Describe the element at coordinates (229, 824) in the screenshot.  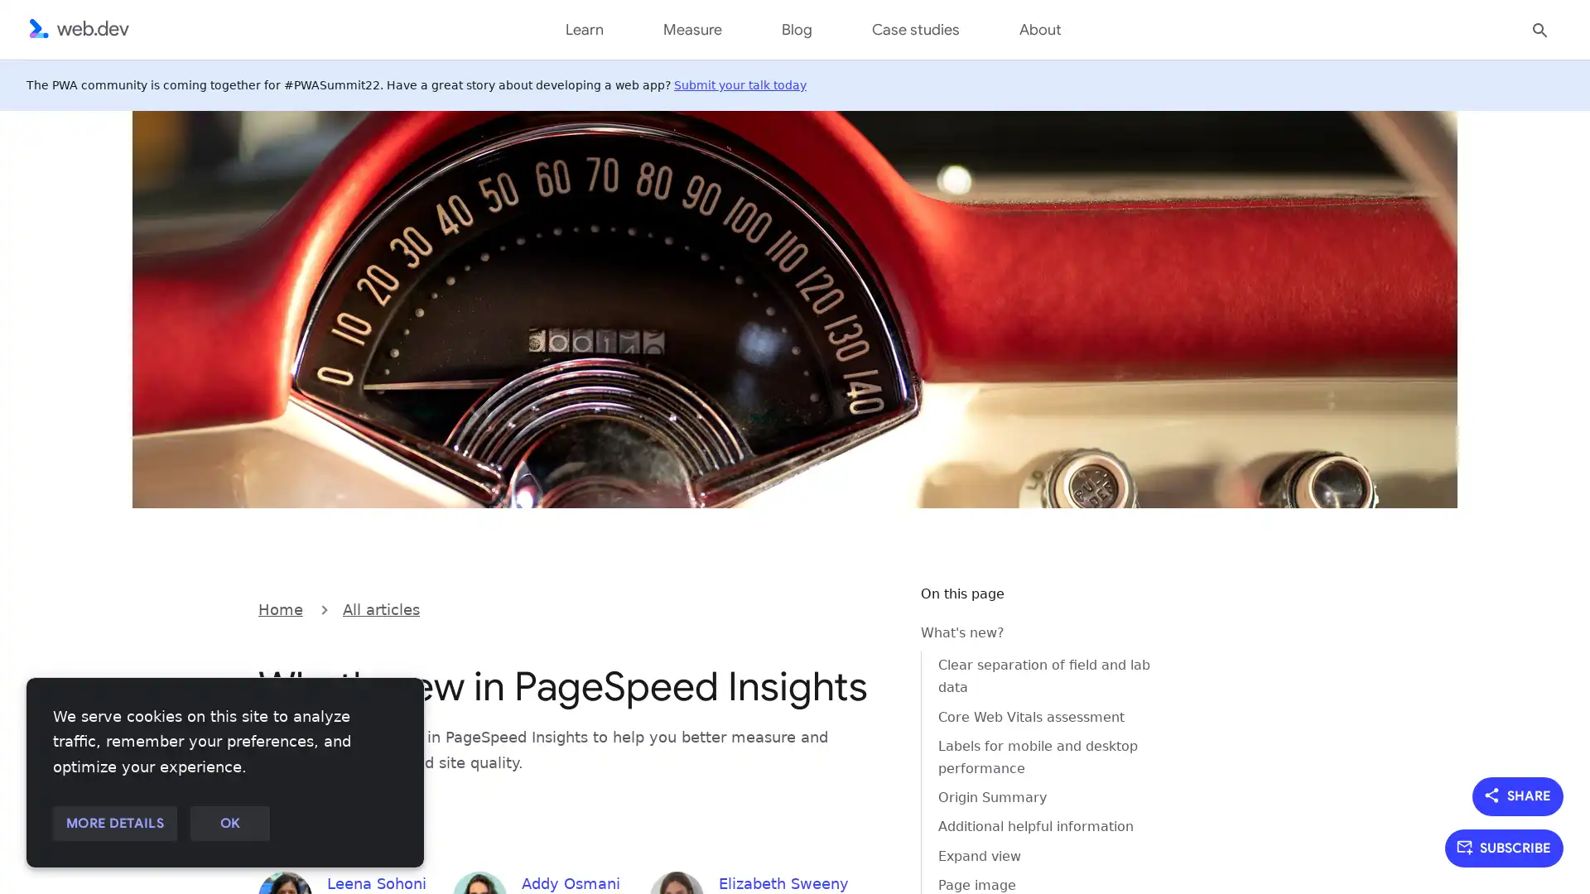
I see `OK` at that location.